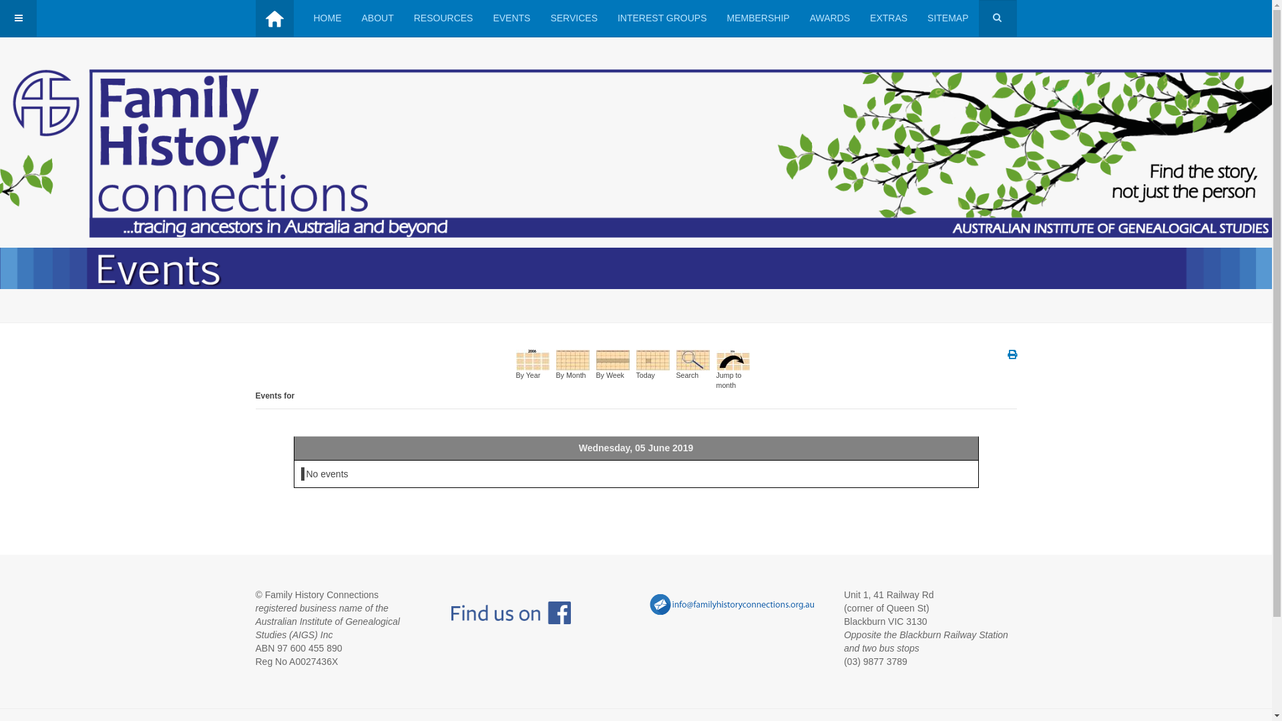 Image resolution: width=1282 pixels, height=721 pixels. I want to click on 'By Week', so click(611, 358).